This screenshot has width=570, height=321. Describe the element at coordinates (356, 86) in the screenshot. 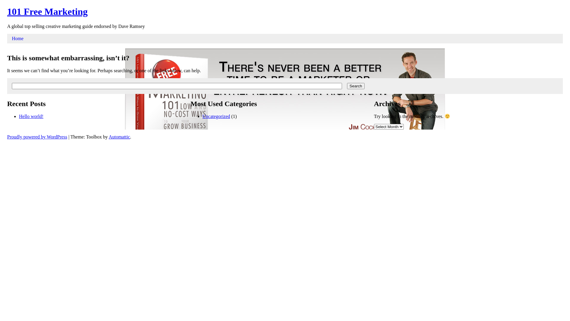

I see `'Search'` at that location.